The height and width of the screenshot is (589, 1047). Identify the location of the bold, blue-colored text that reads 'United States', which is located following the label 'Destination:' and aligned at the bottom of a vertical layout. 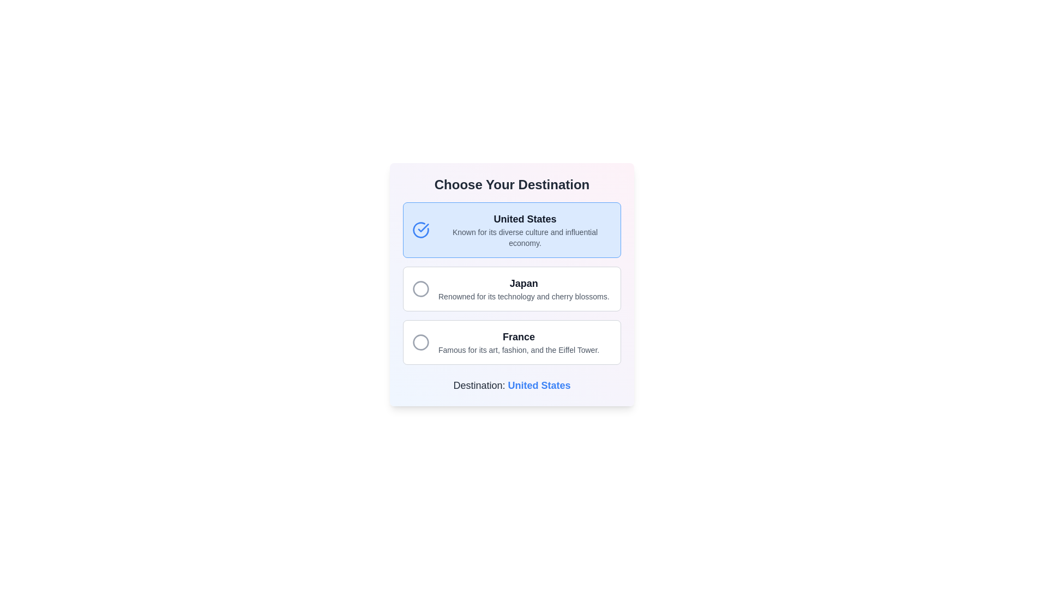
(539, 384).